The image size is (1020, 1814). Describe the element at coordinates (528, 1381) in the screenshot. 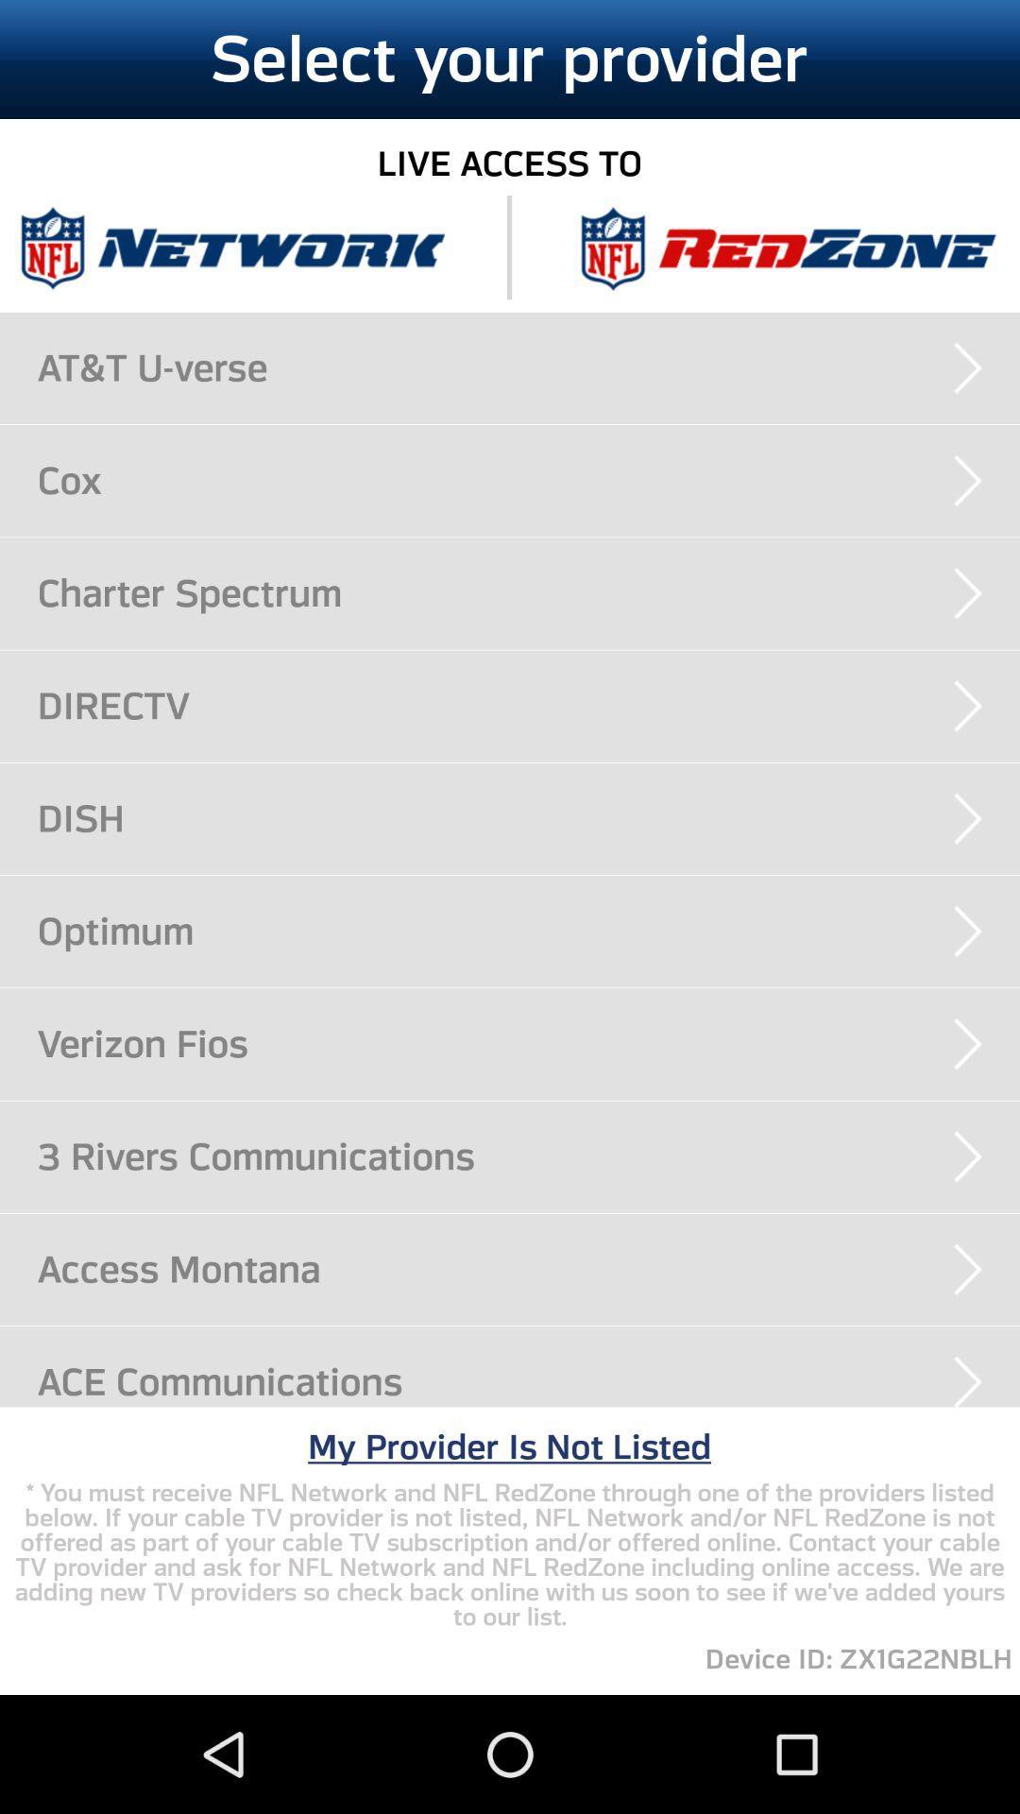

I see `the item above the my provider is icon` at that location.